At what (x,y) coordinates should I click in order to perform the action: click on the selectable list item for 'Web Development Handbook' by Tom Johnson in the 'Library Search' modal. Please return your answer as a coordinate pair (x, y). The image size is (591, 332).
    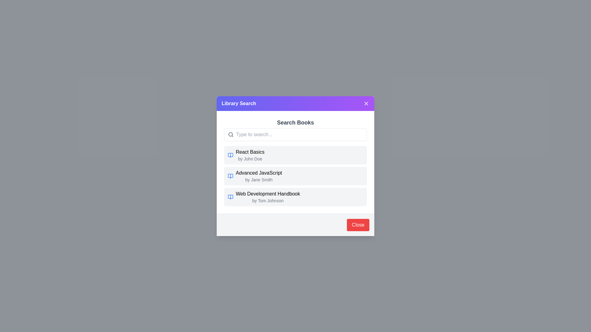
    Looking at the image, I should click on (295, 197).